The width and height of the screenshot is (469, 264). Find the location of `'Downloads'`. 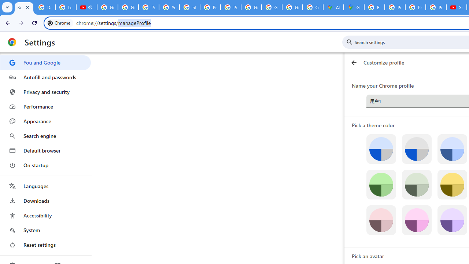

'Downloads' is located at coordinates (45, 201).